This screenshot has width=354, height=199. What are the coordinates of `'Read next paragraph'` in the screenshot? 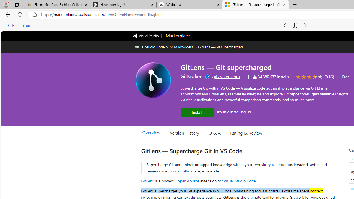 It's located at (305, 25).